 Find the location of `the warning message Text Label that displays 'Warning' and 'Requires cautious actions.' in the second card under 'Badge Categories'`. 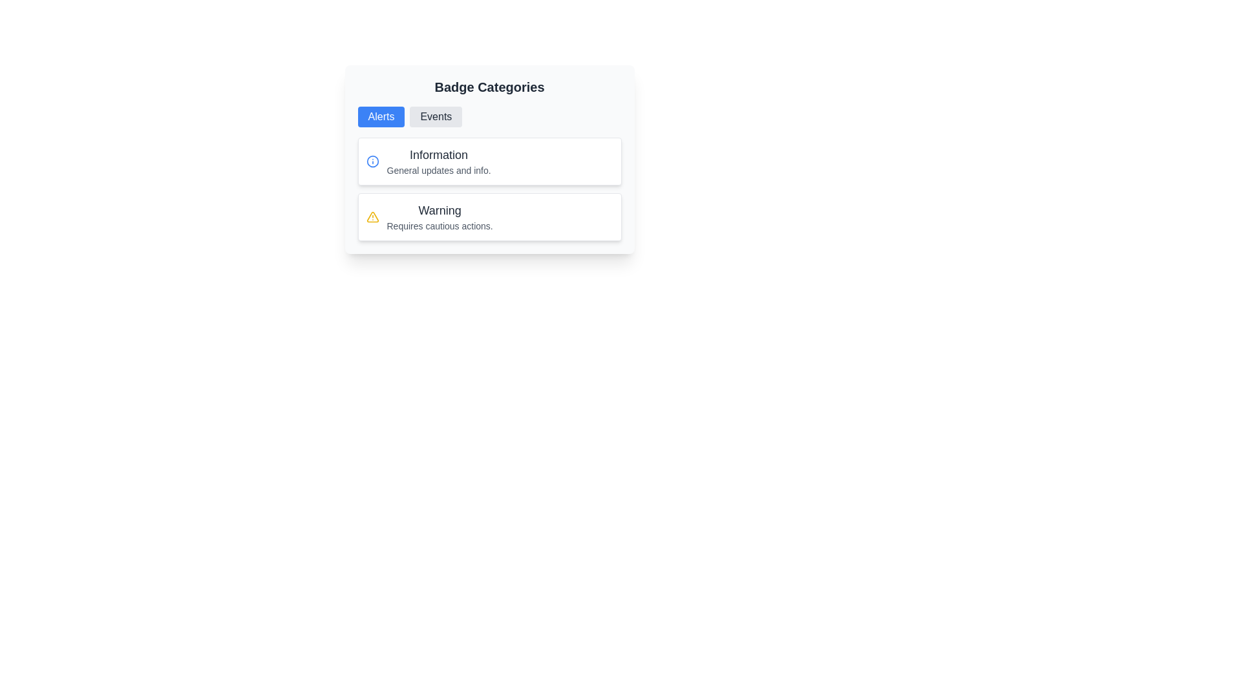

the warning message Text Label that displays 'Warning' and 'Requires cautious actions.' in the second card under 'Badge Categories' is located at coordinates (440, 216).